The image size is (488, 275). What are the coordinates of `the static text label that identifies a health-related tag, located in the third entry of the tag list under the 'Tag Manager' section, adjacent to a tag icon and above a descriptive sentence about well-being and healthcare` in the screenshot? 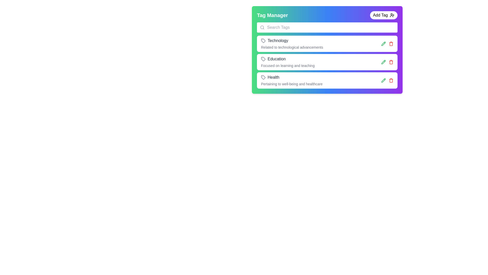 It's located at (273, 77).